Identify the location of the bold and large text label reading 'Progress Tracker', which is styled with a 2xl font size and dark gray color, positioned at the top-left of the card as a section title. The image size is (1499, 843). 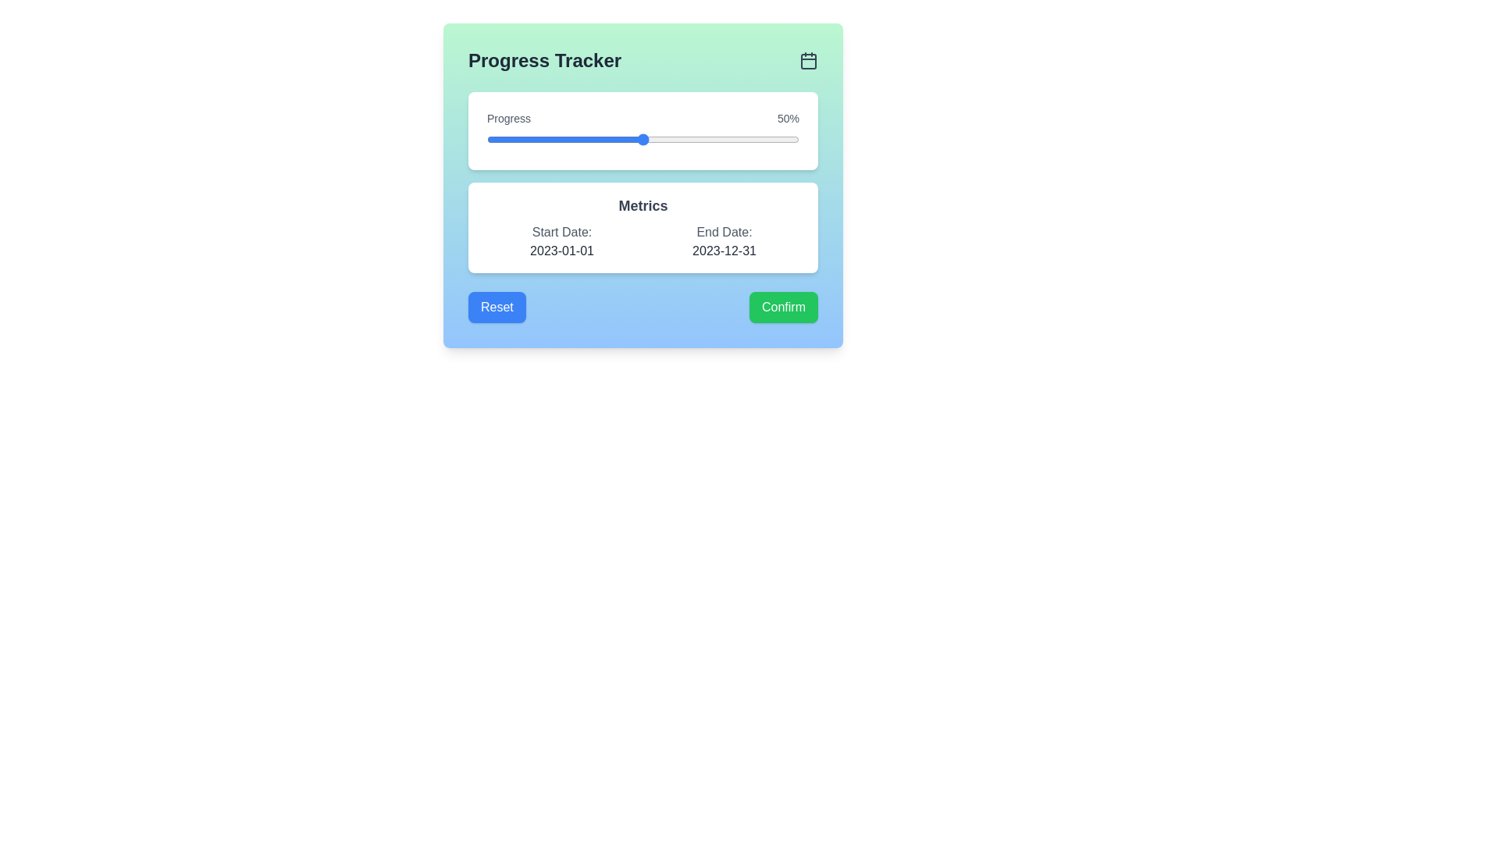
(545, 59).